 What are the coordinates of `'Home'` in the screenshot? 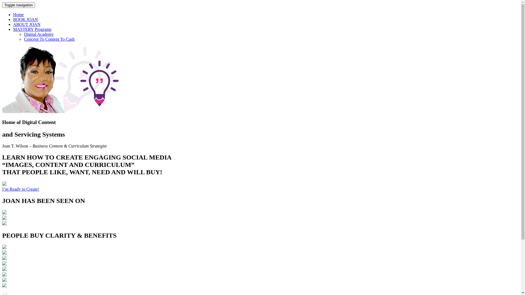 It's located at (18, 14).